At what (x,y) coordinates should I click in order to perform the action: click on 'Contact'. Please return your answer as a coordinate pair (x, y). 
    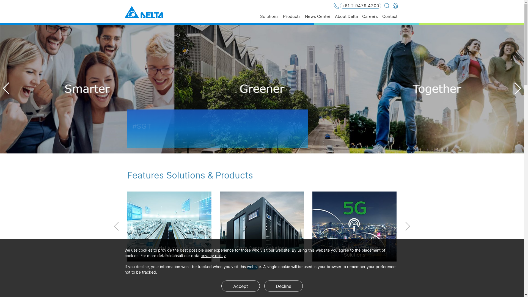
    Looking at the image, I should click on (389, 18).